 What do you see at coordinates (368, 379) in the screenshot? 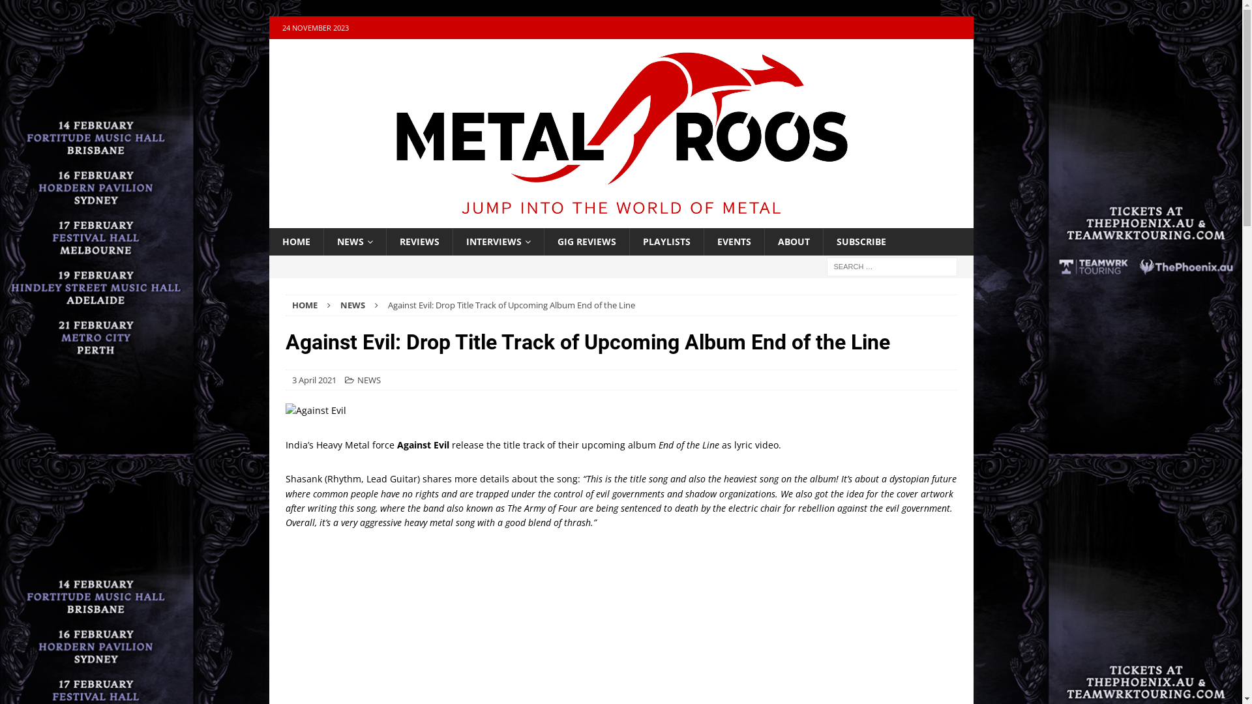
I see `'NEWS'` at bounding box center [368, 379].